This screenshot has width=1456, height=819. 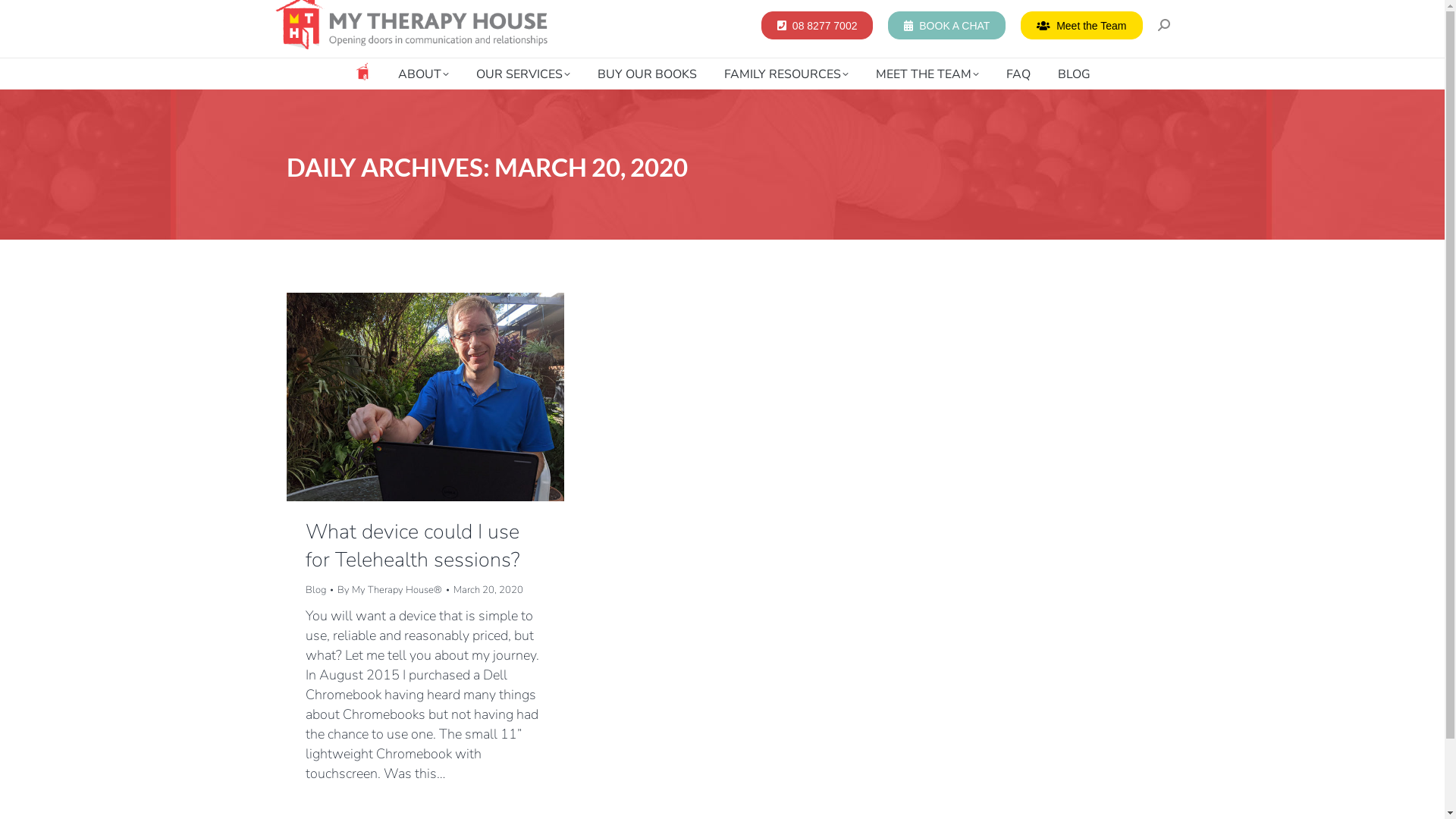 What do you see at coordinates (1018, 74) in the screenshot?
I see `'FAQ'` at bounding box center [1018, 74].